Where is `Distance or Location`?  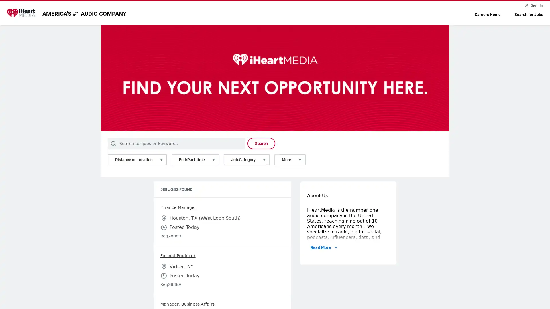 Distance or Location is located at coordinates (137, 160).